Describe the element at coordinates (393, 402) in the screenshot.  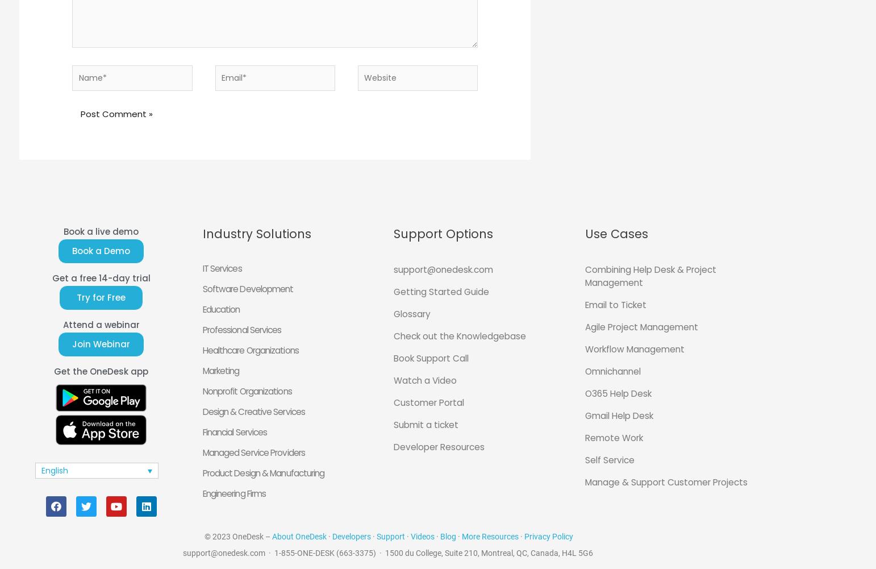
I see `'Customer Portal'` at that location.